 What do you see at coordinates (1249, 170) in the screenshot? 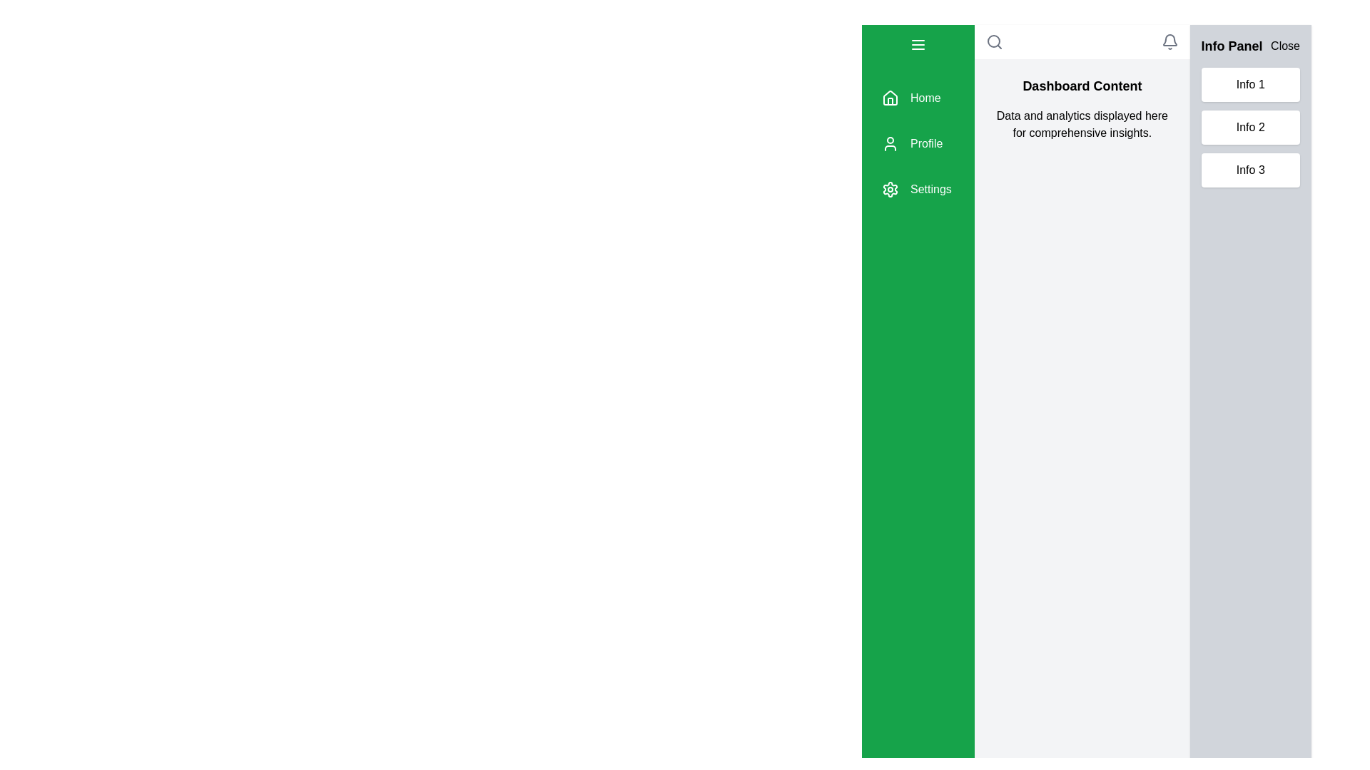
I see `the 'Info 3' button, which is a rectangular button with a white background and the text centered in bold black font, located on the right sidebar below 'Info 2'` at bounding box center [1249, 170].